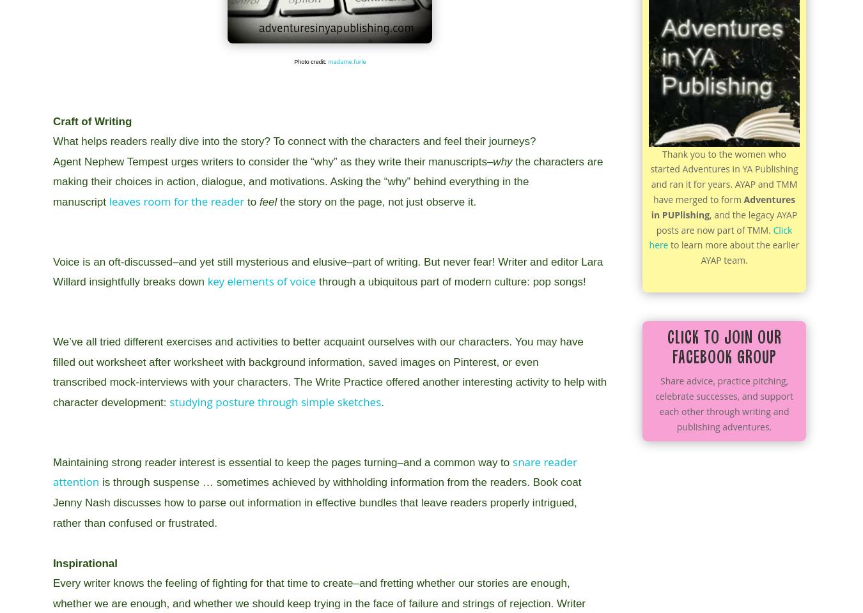 The image size is (863, 613). What do you see at coordinates (378, 202) in the screenshot?
I see `'the story on the page, not just observe it.'` at bounding box center [378, 202].